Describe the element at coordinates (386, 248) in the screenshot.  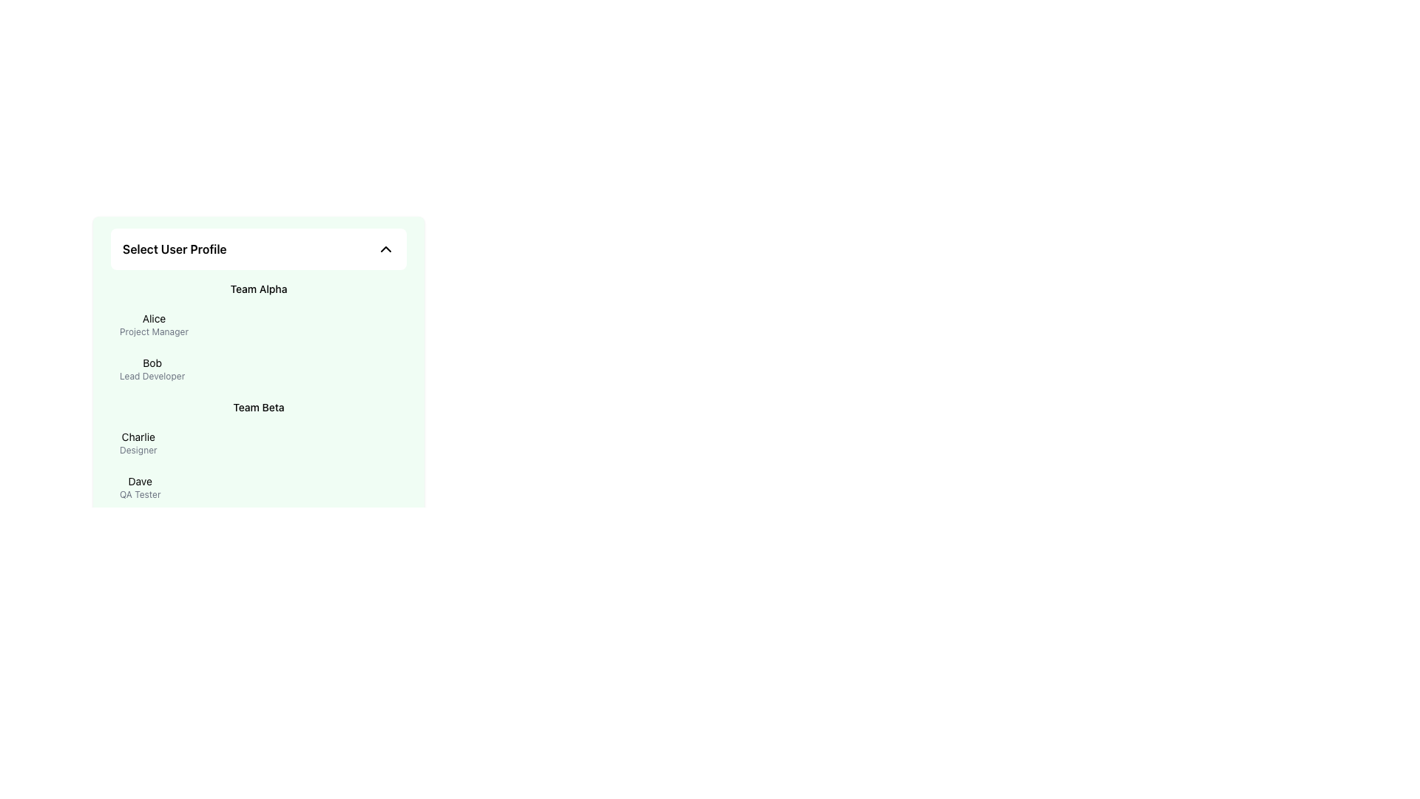
I see `the interactive indicator icon located at the far right of the 'Select User Profile' section header` at that location.